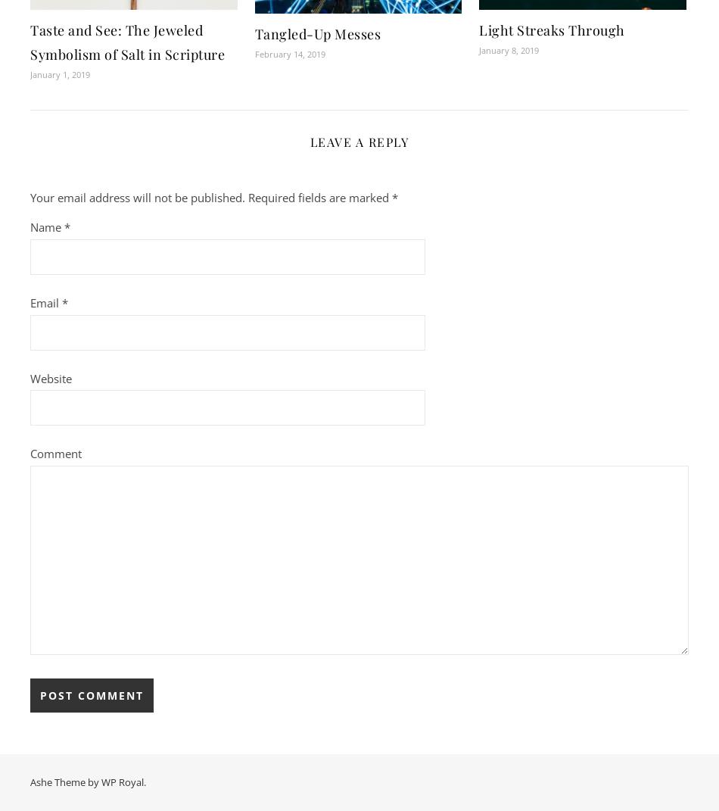  Describe the element at coordinates (47, 226) in the screenshot. I see `'Name'` at that location.